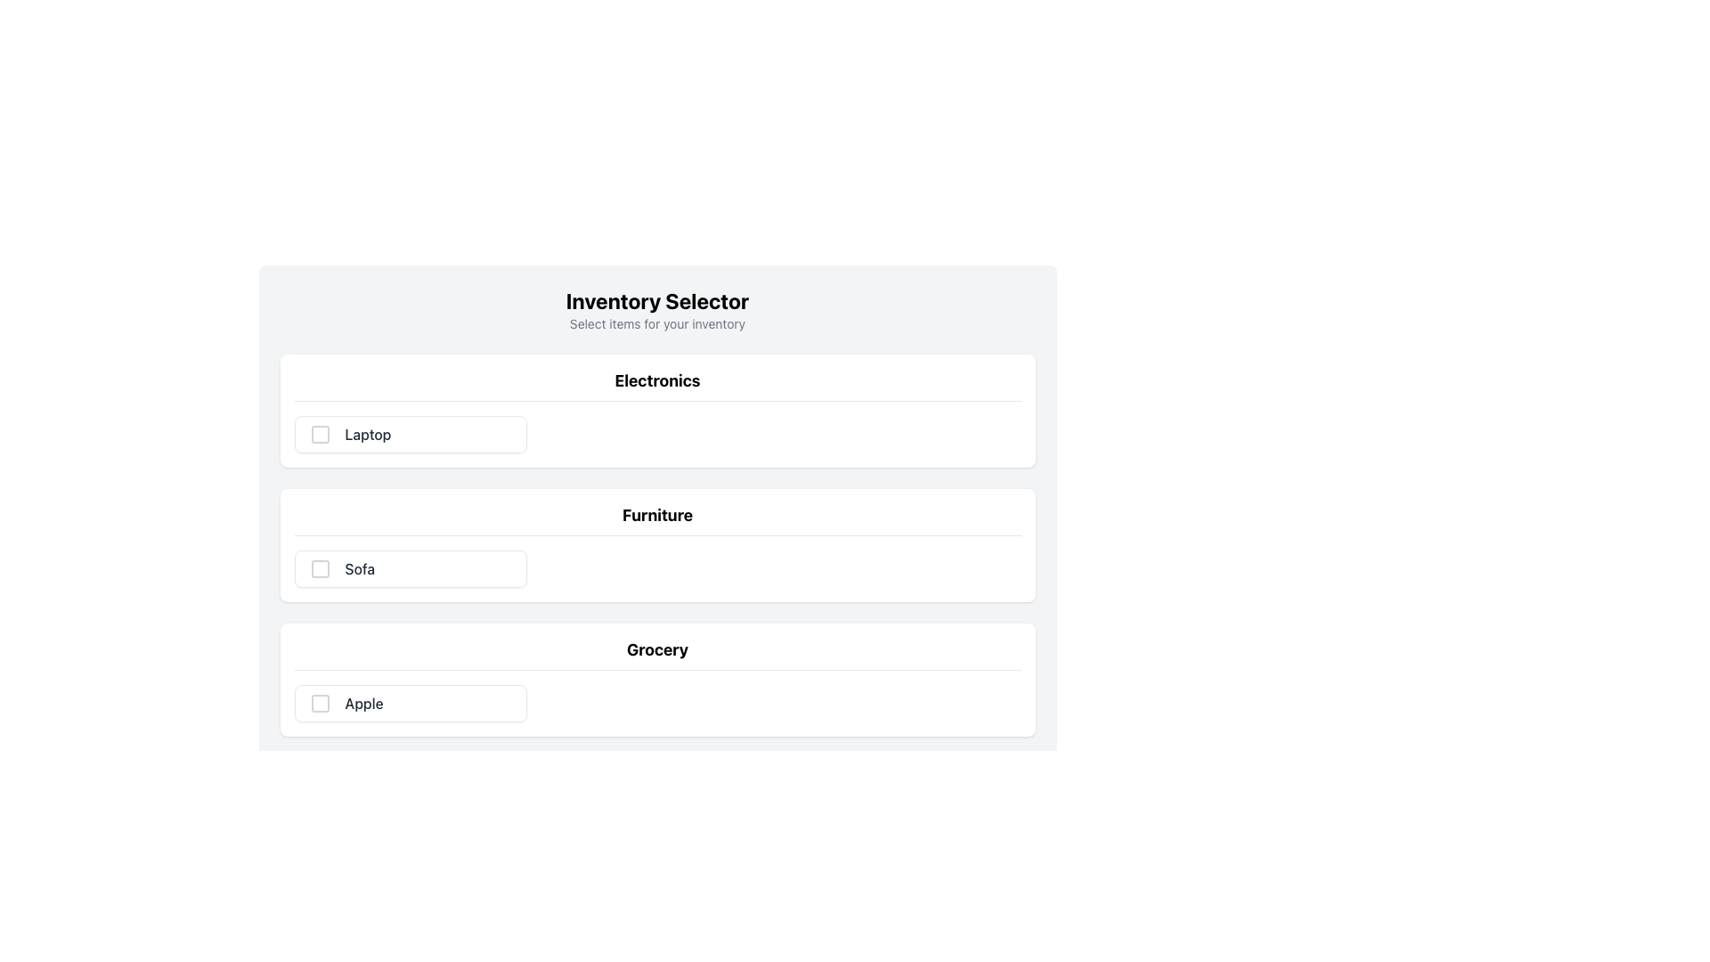 The width and height of the screenshot is (1710, 962). Describe the element at coordinates (656, 703) in the screenshot. I see `the checkbox of the 'Apple' selectable list item located in the 'Grocery' section` at that location.